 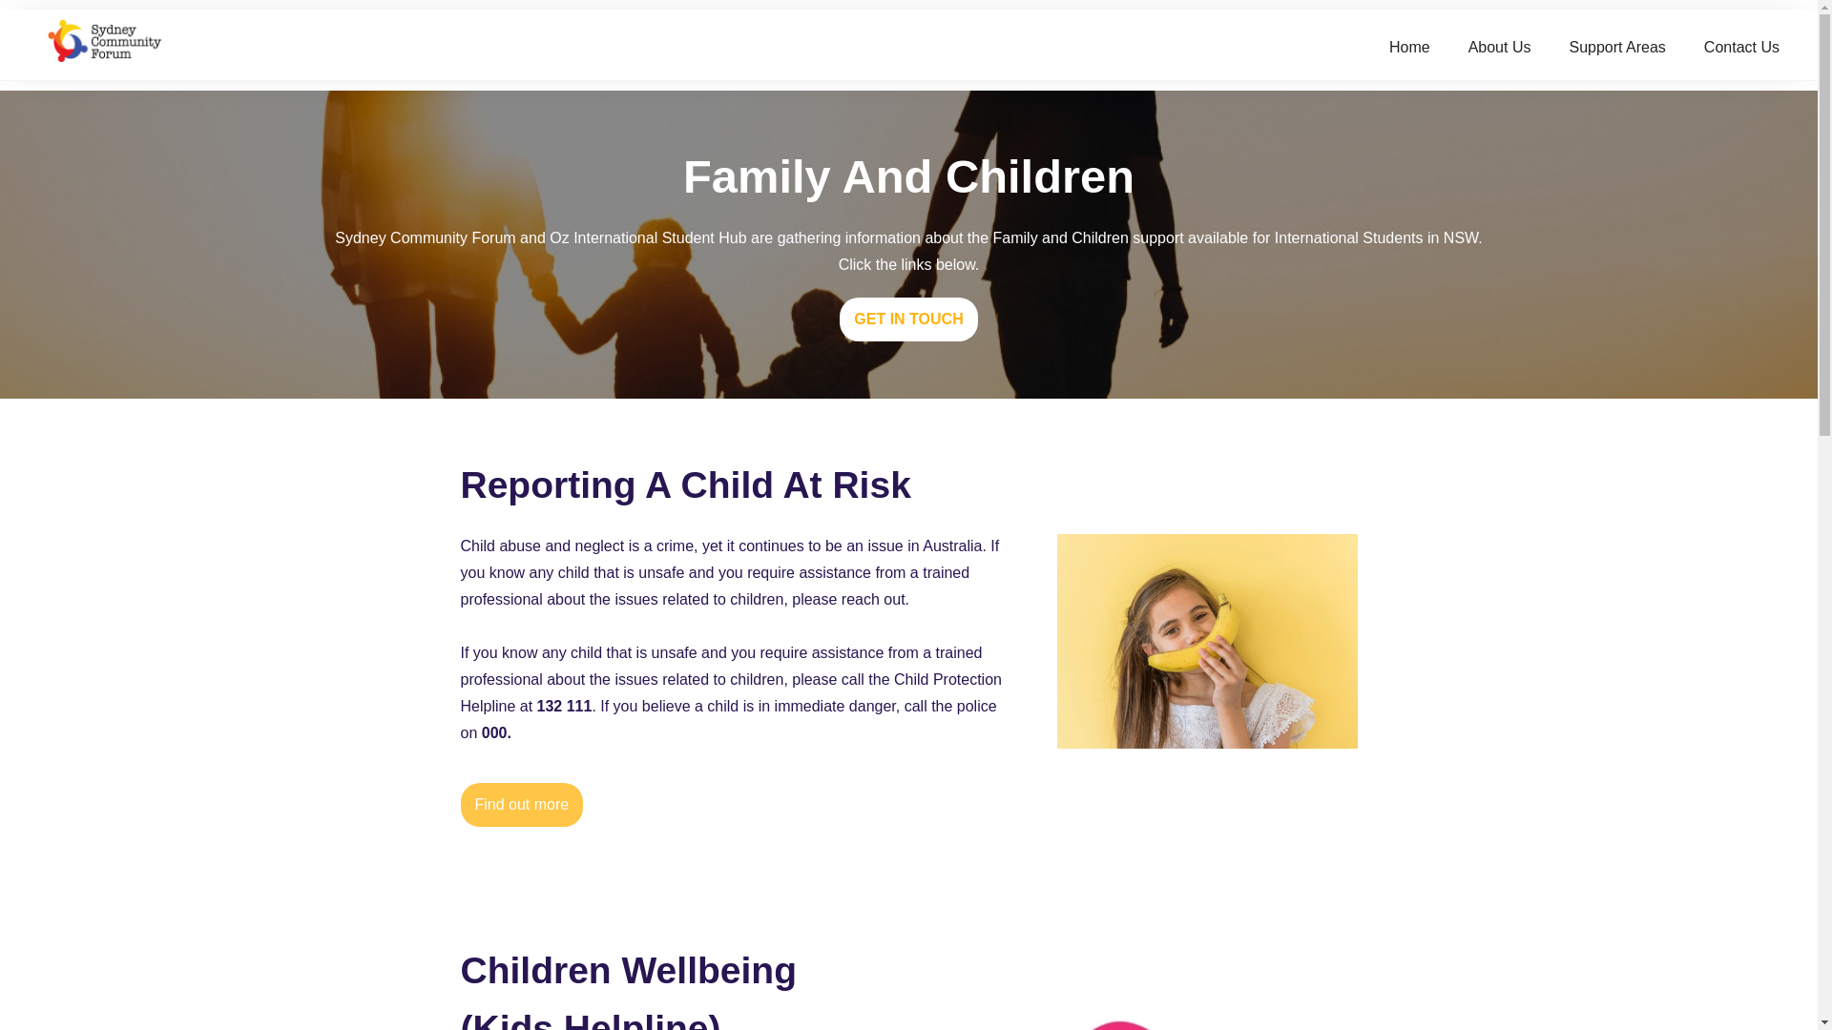 I want to click on 'GET IN TOUCH', so click(x=906, y=319).